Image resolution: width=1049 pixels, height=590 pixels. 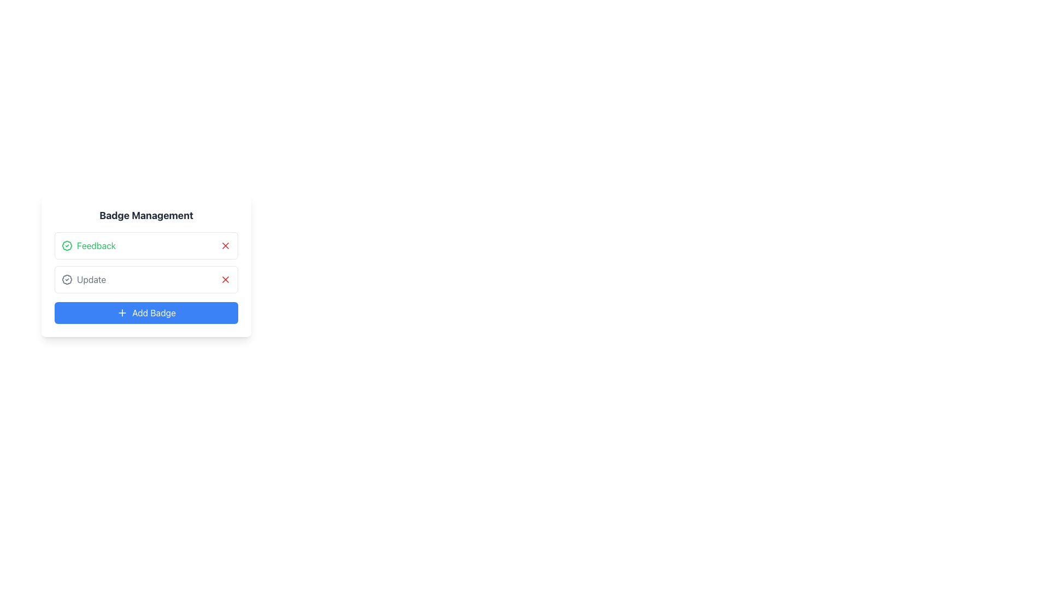 What do you see at coordinates (225, 279) in the screenshot?
I see `the red 'X' icon button located at the top-right corner of the 'Update' card` at bounding box center [225, 279].